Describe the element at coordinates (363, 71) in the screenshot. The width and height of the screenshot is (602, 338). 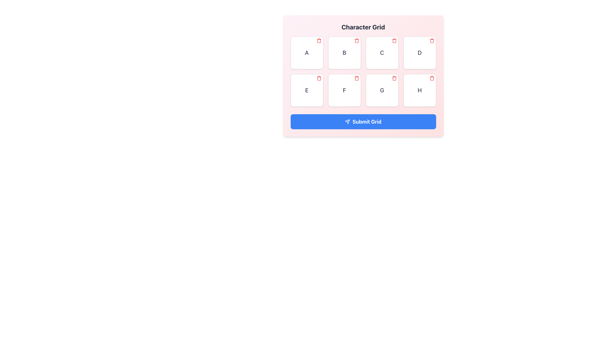
I see `the delete icon of a grid item in the grid layout composed of 8 square-shaped items with characters and a red trash icon in the top-right corner` at that location.